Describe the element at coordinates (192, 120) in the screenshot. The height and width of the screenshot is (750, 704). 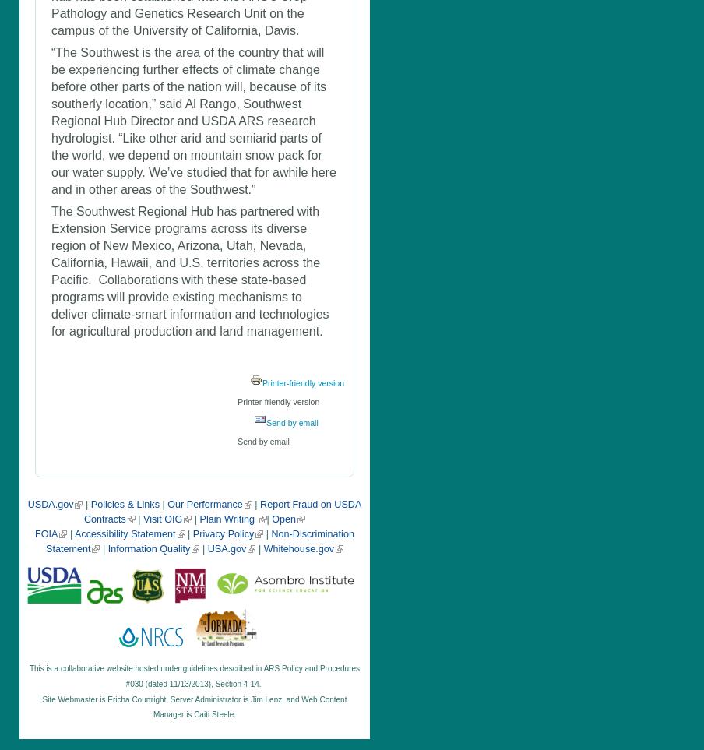
I see `'“The Southwest is the area of the country that will be experiencing further effects of climate change before other parts of the nation will, because of its southerly location,” said Al Rango, Southwest Regional Hub Director and USDA ARS research hydrologist. “Like other arid and semiarid parts of the world, we depend on mountain snow pack for our water supply. We’ve studied that for awhile here and in other areas of the Southwest.”'` at that location.